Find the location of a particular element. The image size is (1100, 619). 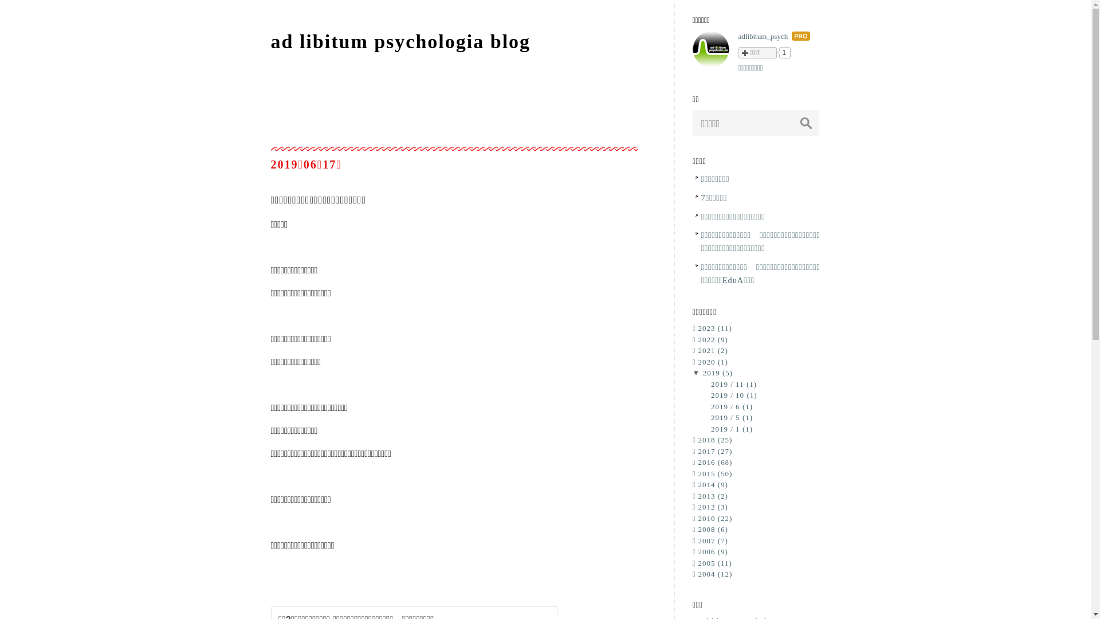

'2008 (6)' is located at coordinates (697, 529).